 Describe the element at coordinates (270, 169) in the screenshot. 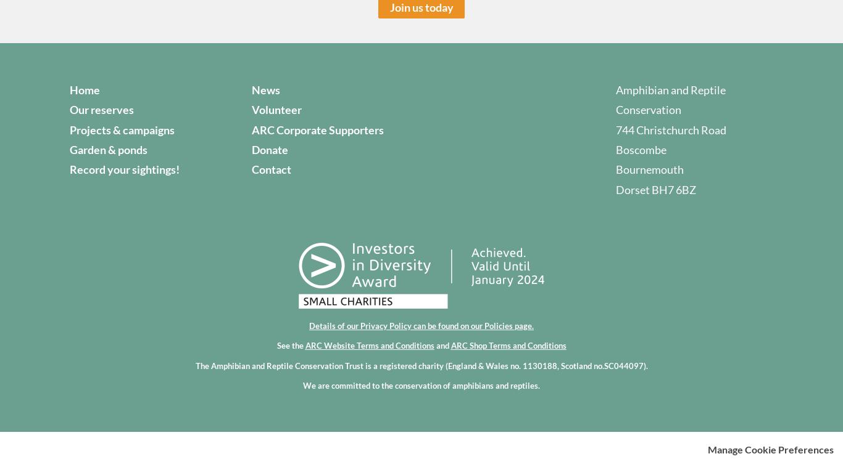

I see `'Contact'` at that location.